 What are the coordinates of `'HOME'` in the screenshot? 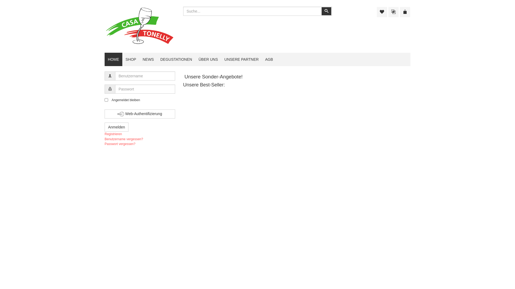 It's located at (113, 59).